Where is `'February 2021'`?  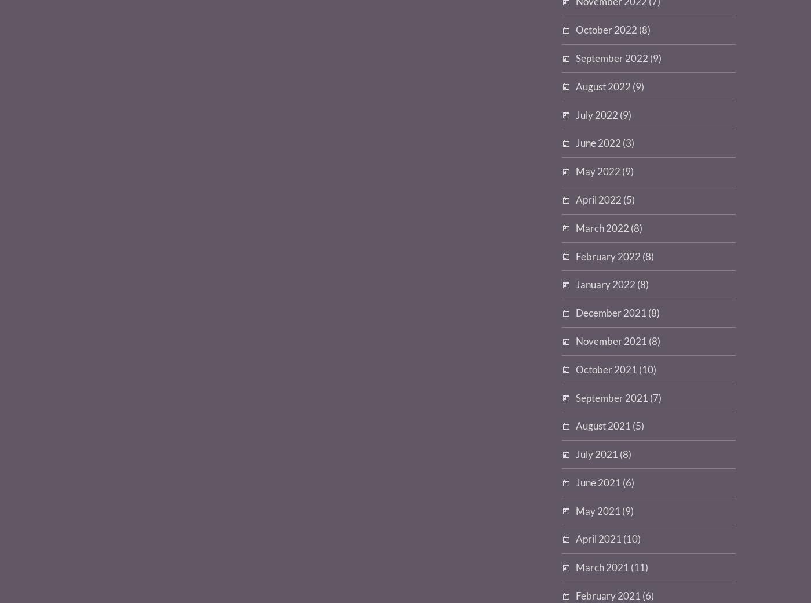 'February 2021' is located at coordinates (608, 595).